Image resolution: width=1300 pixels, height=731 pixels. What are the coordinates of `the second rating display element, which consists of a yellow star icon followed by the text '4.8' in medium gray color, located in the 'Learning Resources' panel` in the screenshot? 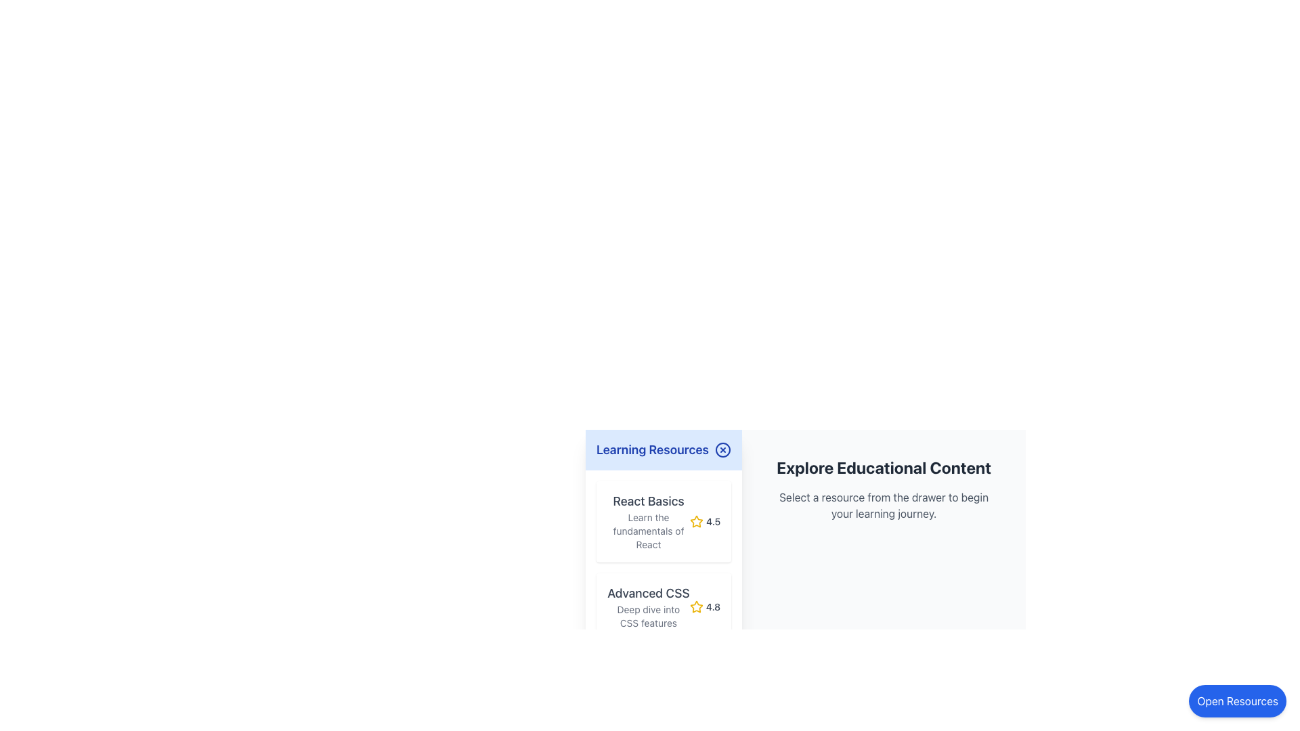 It's located at (704, 606).